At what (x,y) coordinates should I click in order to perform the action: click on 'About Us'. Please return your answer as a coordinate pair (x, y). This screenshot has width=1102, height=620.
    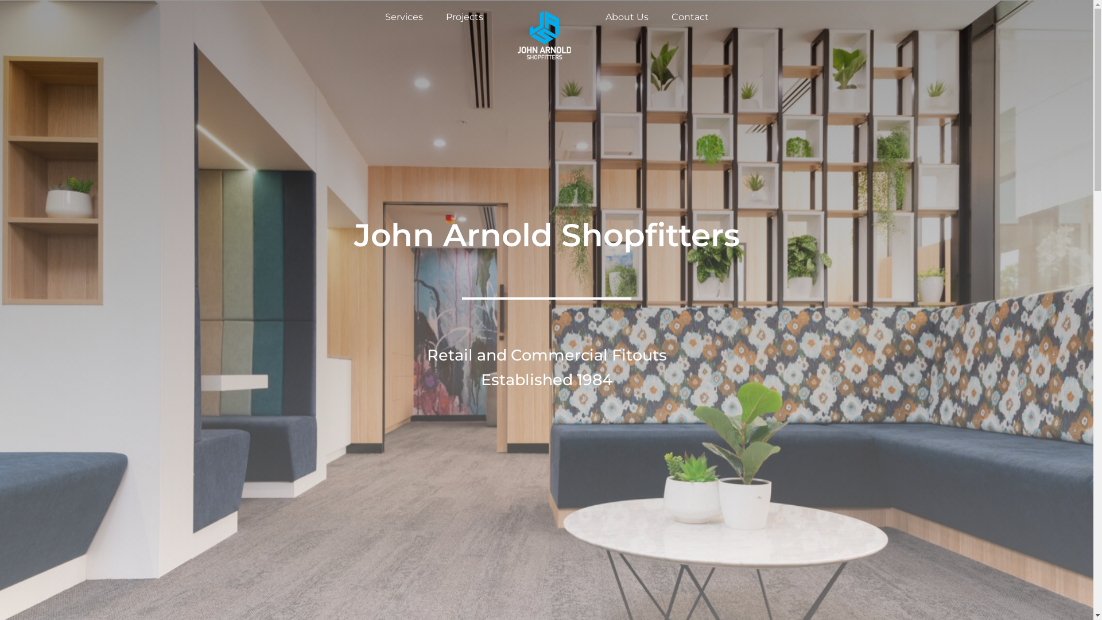
    Looking at the image, I should click on (602, 17).